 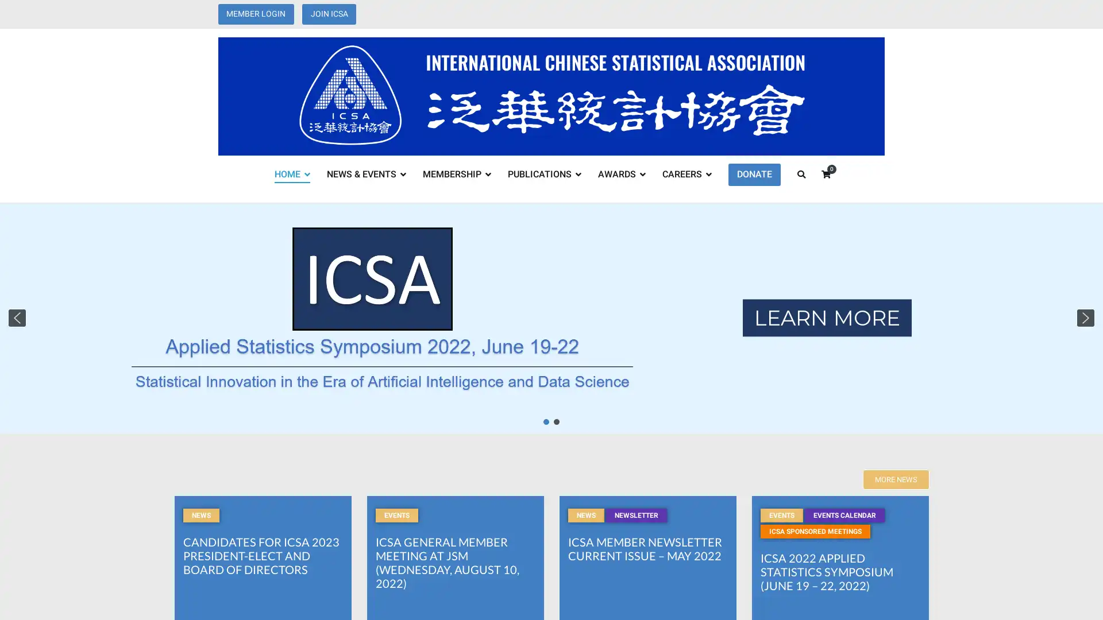 What do you see at coordinates (896, 479) in the screenshot?
I see `MORE NEWS` at bounding box center [896, 479].